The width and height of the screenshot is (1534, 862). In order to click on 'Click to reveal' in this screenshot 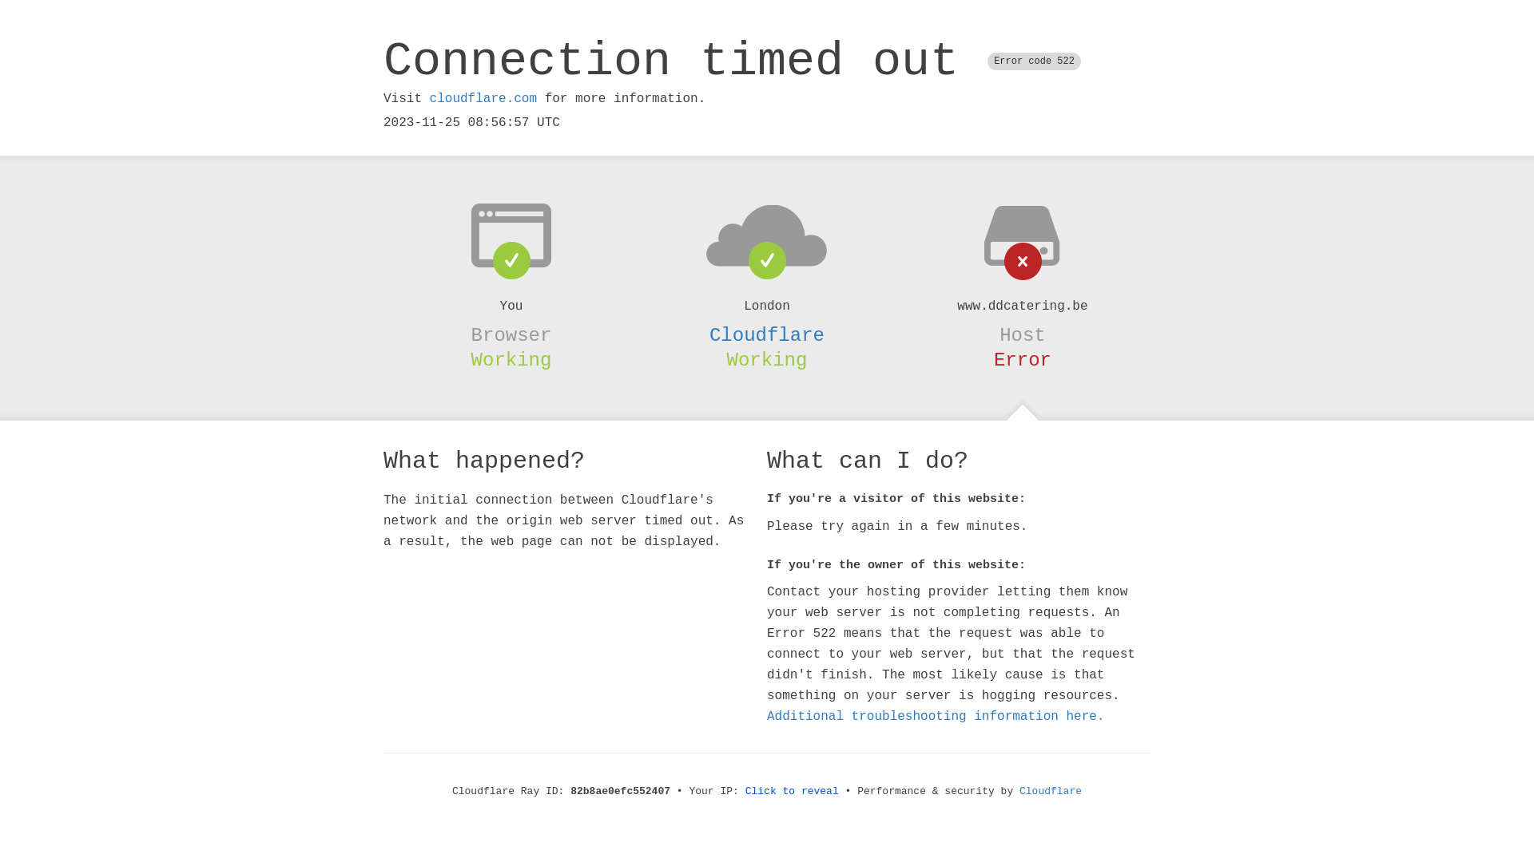, I will do `click(792, 791)`.